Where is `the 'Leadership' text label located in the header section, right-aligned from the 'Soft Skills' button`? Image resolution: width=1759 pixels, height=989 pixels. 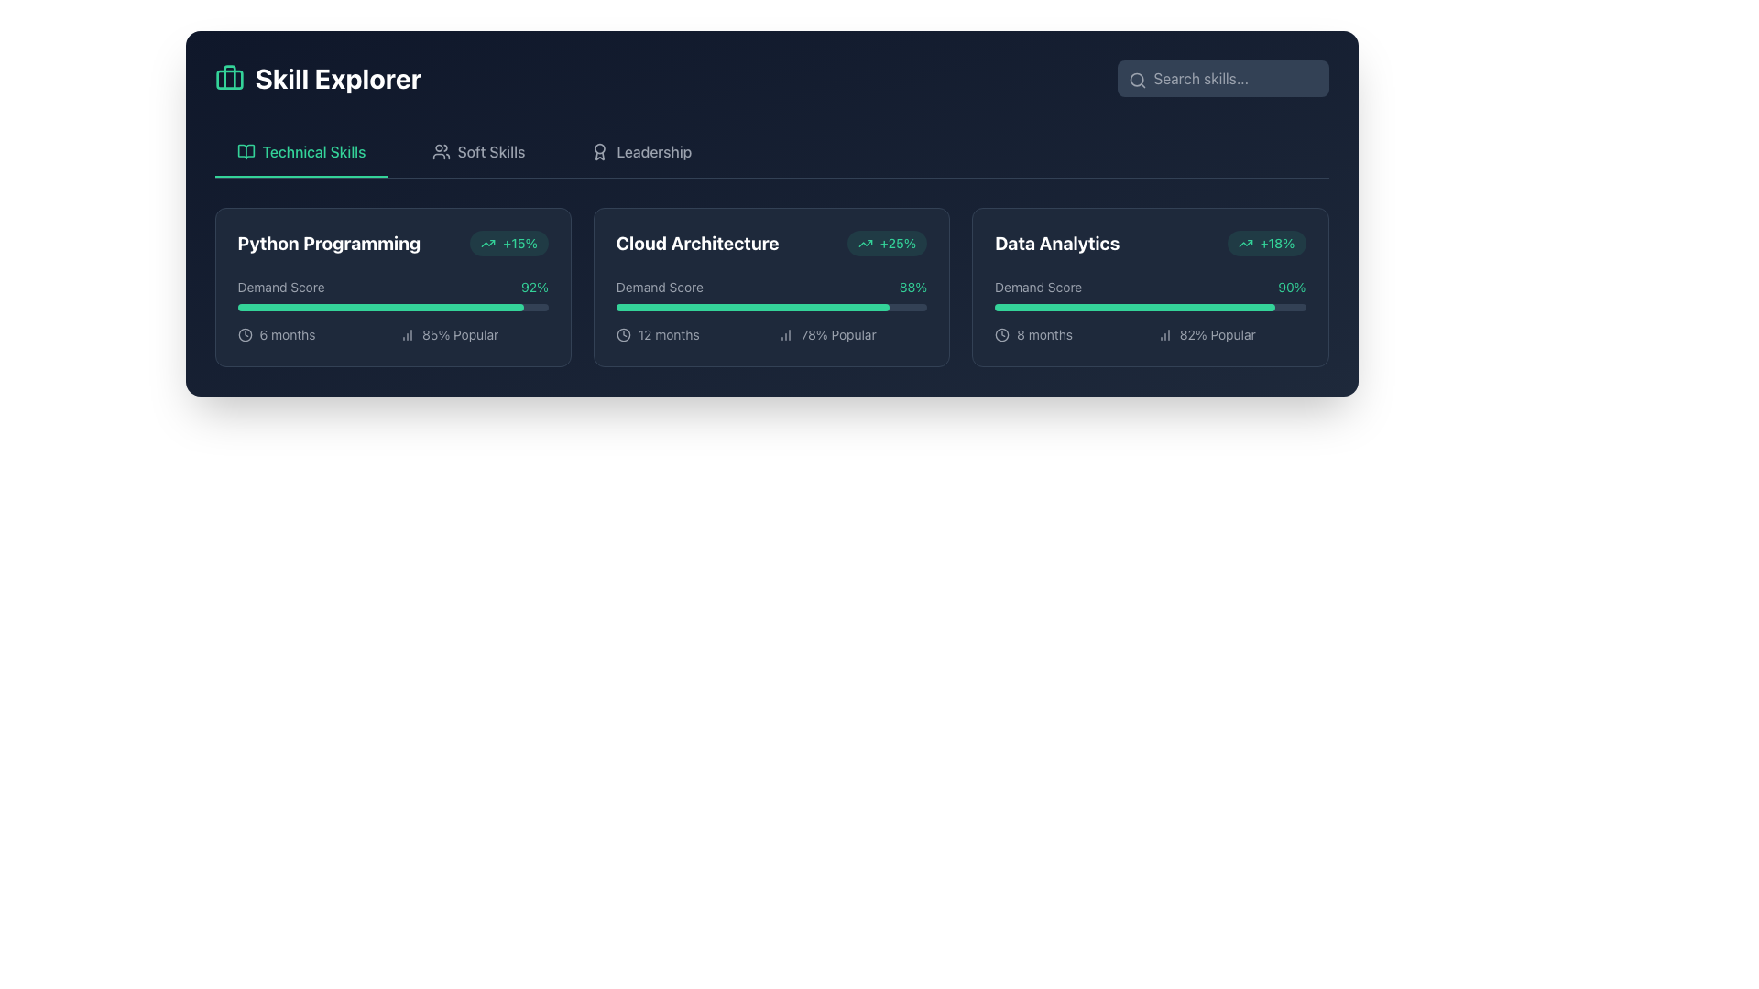
the 'Leadership' text label located in the header section, right-aligned from the 'Soft Skills' button is located at coordinates (654, 150).